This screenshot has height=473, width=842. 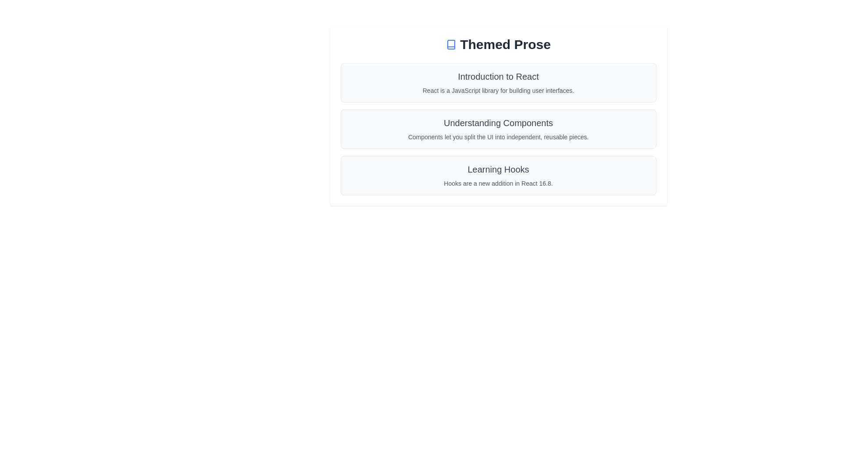 I want to click on text of the heading positioned at the top of the content block, which serves as the title for the subsequent sections, so click(x=498, y=44).